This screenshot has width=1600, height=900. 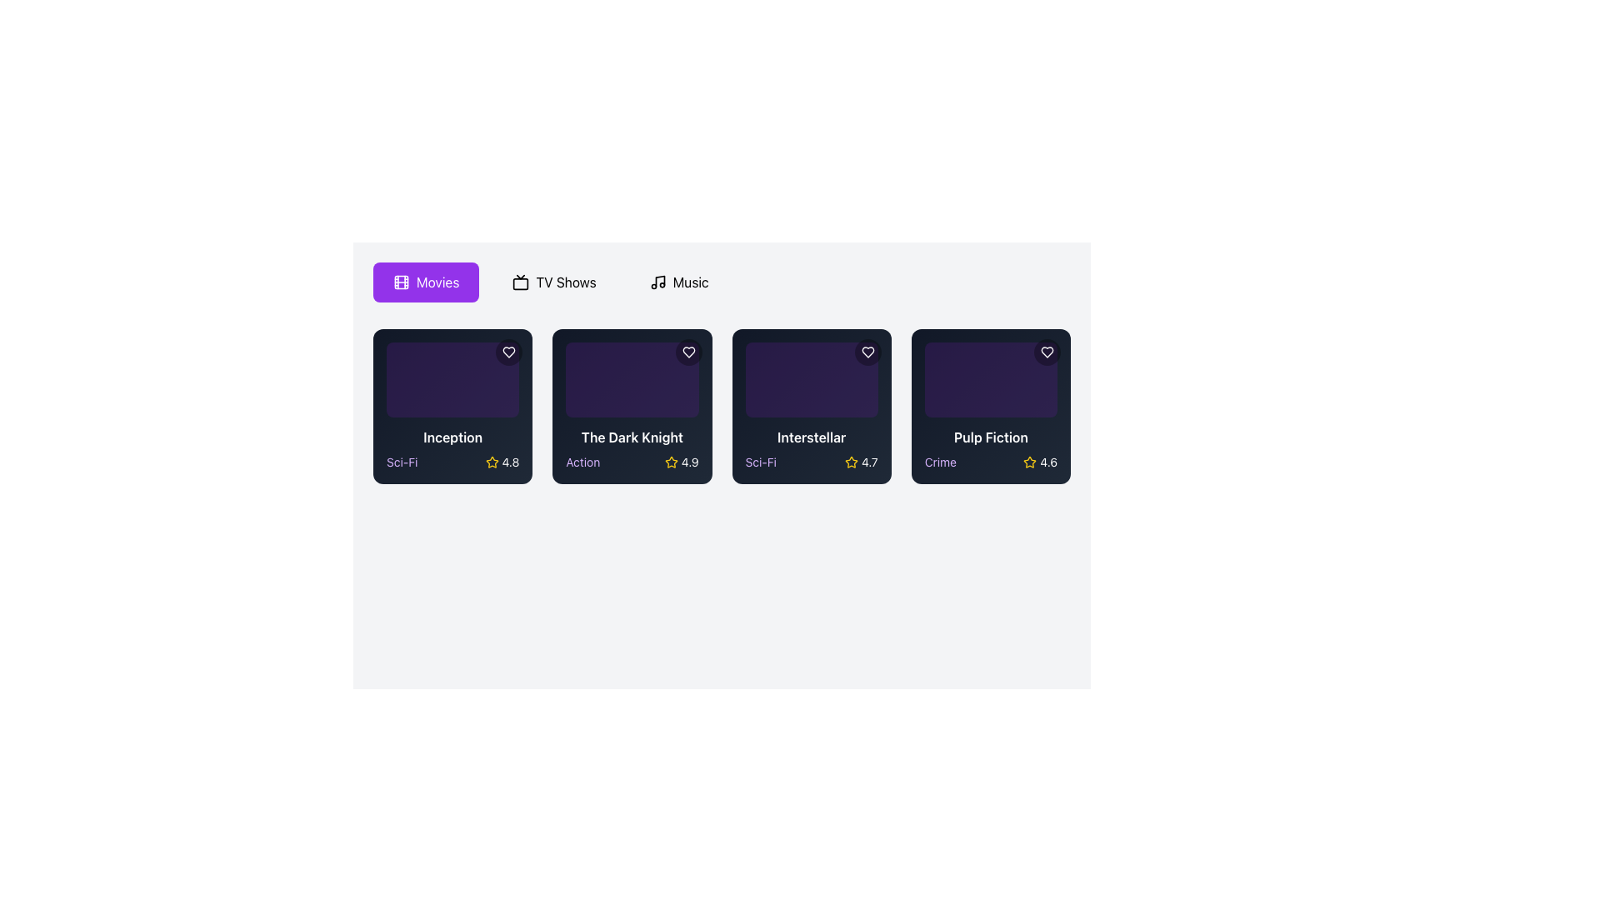 What do you see at coordinates (452, 462) in the screenshot?
I see `information displayed in the component conveying the genre 'Sci-Fi' and the rating '4.8' for the movie 'Inception', located at the bottom of the movie card` at bounding box center [452, 462].